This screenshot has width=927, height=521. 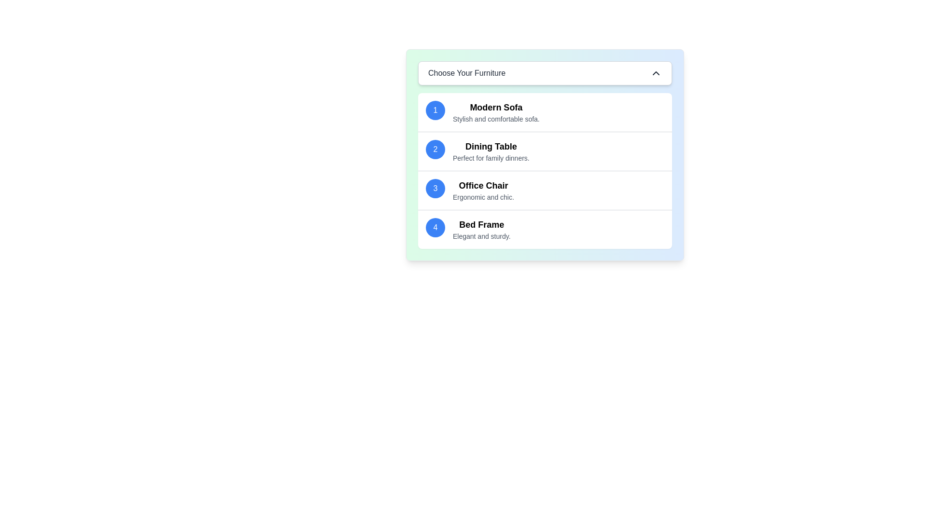 What do you see at coordinates (491, 157) in the screenshot?
I see `text content of the text label that says 'Perfect for family dinners.' located below the title 'Dining Table' in the furniture list` at bounding box center [491, 157].